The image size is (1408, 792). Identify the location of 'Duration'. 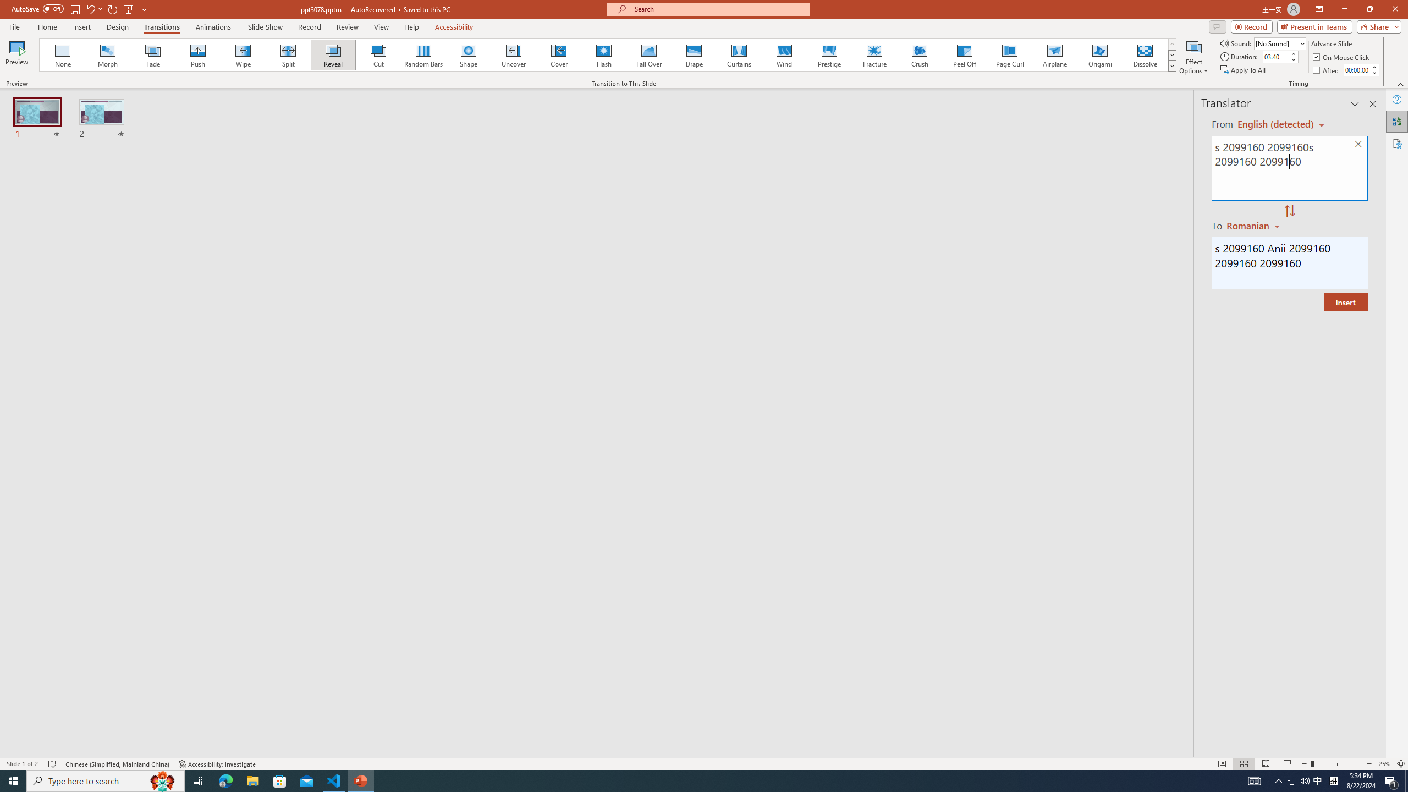
(1275, 56).